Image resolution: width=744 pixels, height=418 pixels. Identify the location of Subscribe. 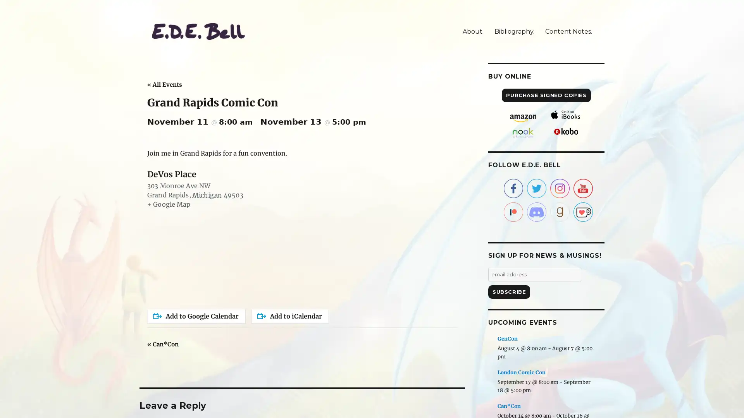
(509, 292).